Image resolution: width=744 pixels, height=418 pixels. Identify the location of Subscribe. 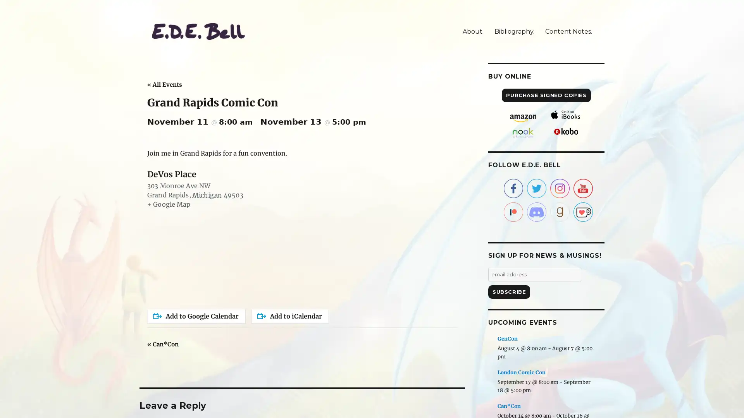
(509, 292).